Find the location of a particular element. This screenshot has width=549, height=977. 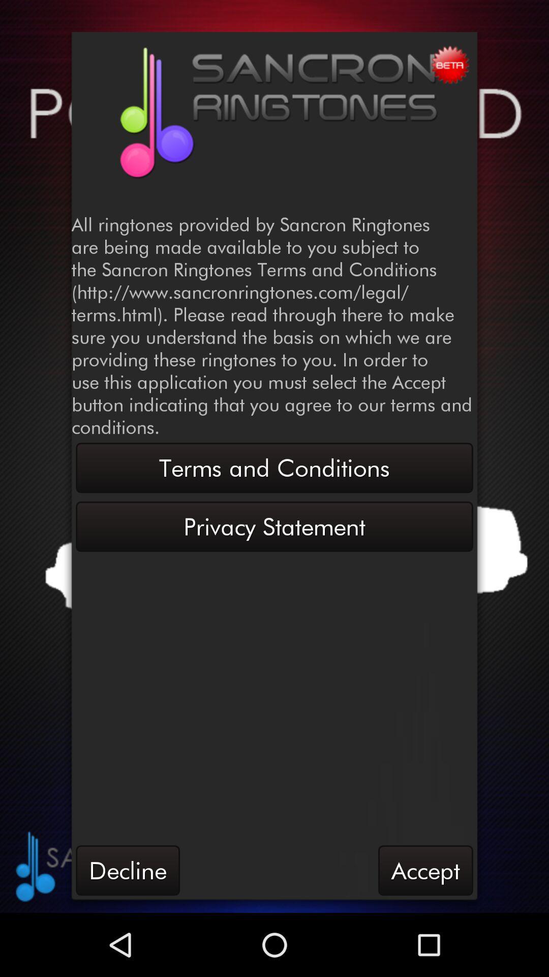

button below terms and conditions icon is located at coordinates (274, 527).